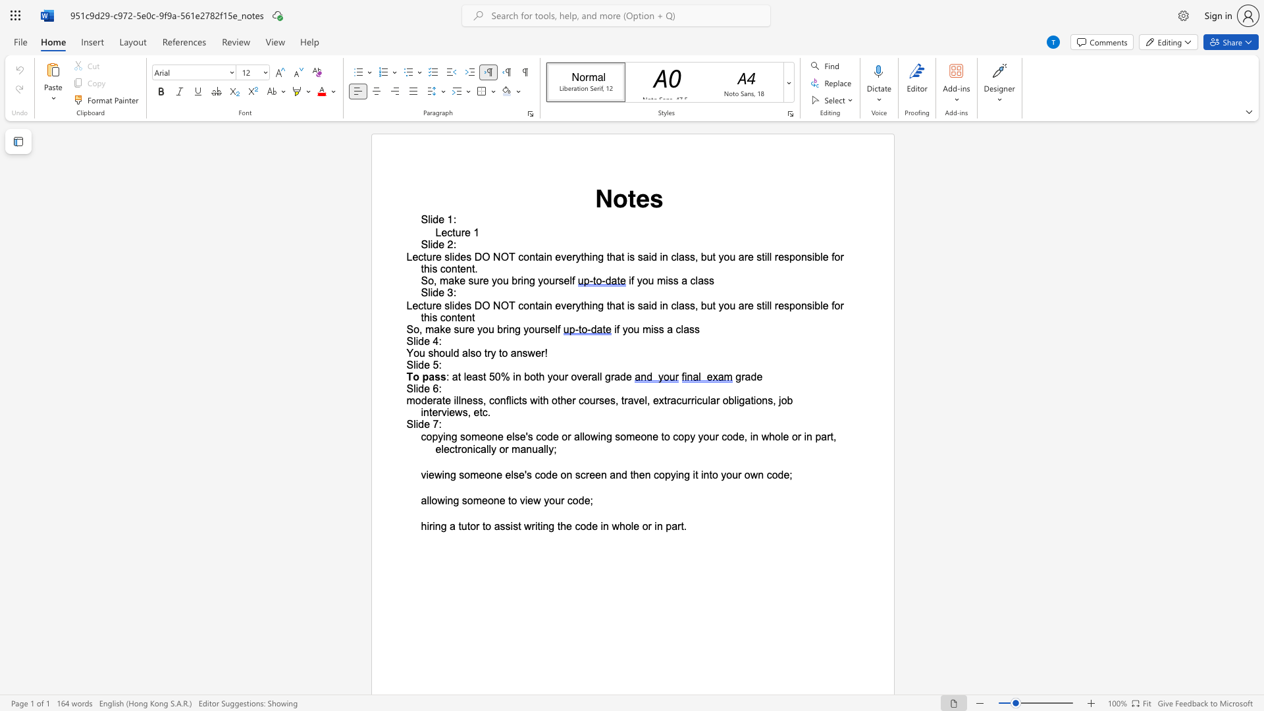 This screenshot has height=711, width=1264. What do you see at coordinates (508, 400) in the screenshot?
I see `the space between the continuous character "f" and "l" in the text` at bounding box center [508, 400].